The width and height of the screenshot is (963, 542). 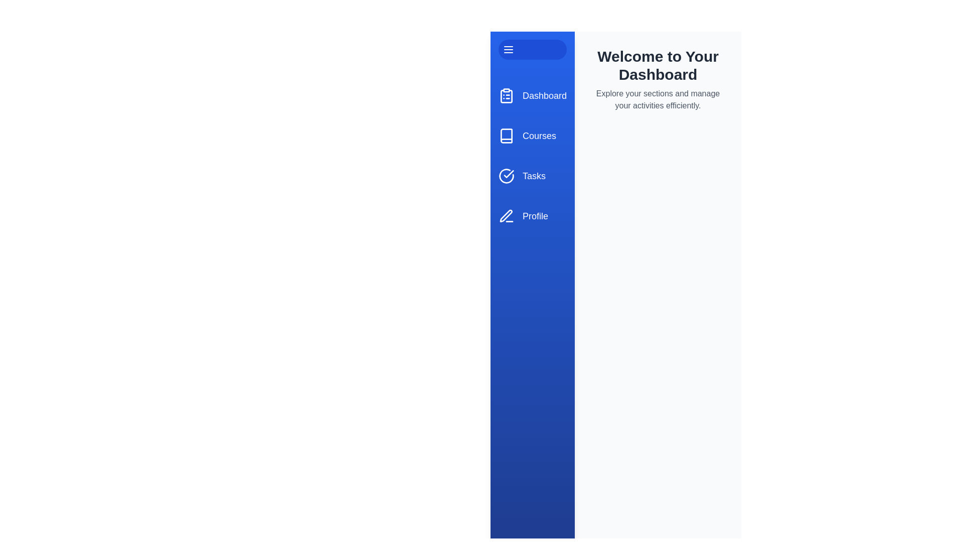 I want to click on the menu item labeled Courses to navigate, so click(x=532, y=135).